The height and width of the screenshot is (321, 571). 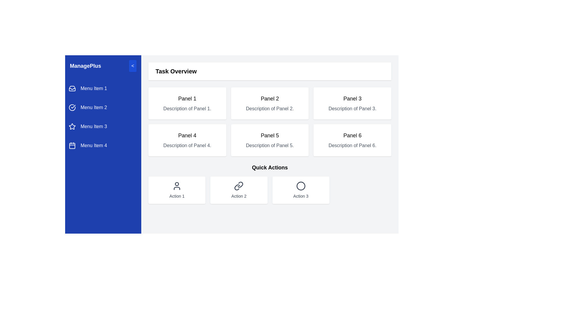 I want to click on the 'Task Overview' text label, which is a bold and prominently styled header displayed in a larger font size on a white background, so click(x=176, y=71).